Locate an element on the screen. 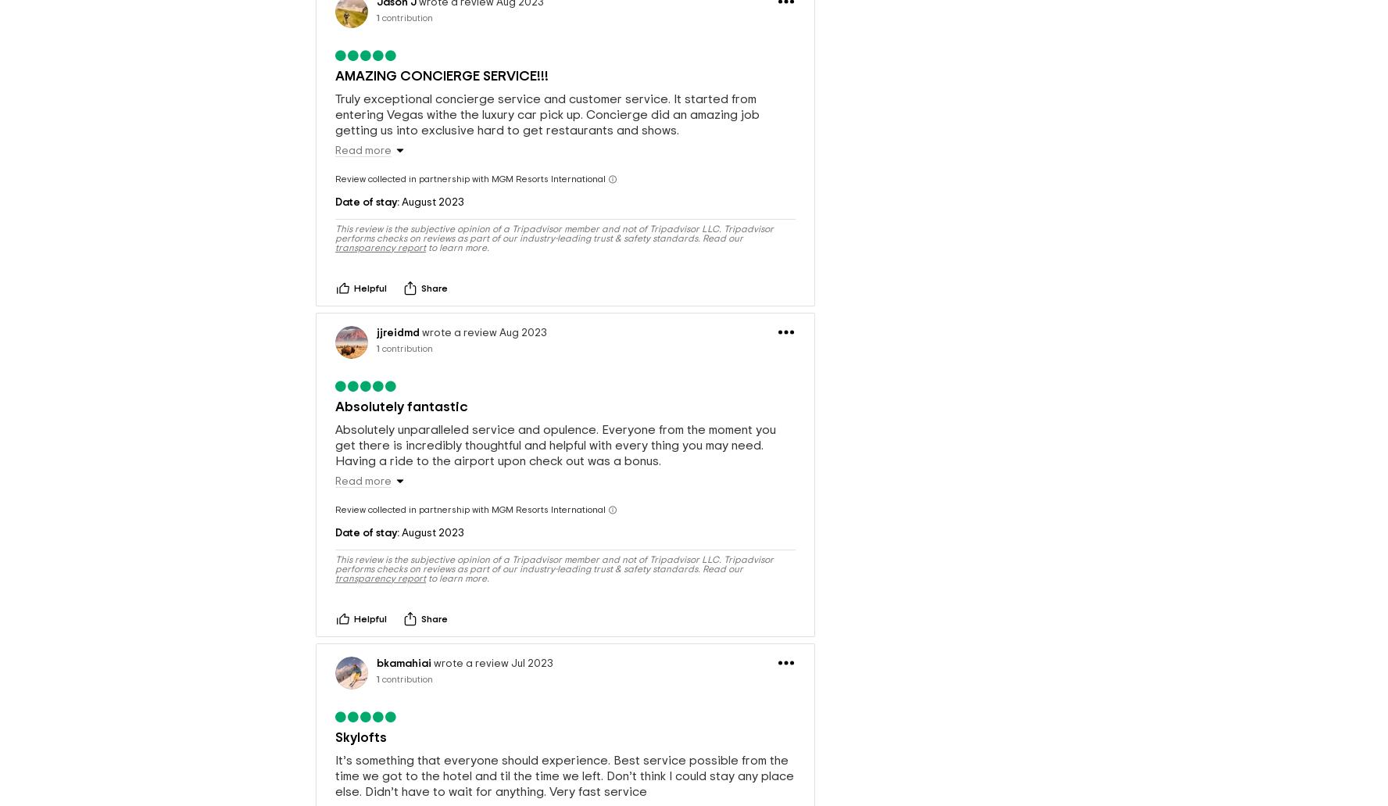 The image size is (1388, 806). 'Absolutely unparalleled service and opulence. Everyone from the moment you get there is incredibly thoughtful and helpful with every thing you may need.  Having a ride to the airport upon check out was a bonus.' is located at coordinates (335, 419).